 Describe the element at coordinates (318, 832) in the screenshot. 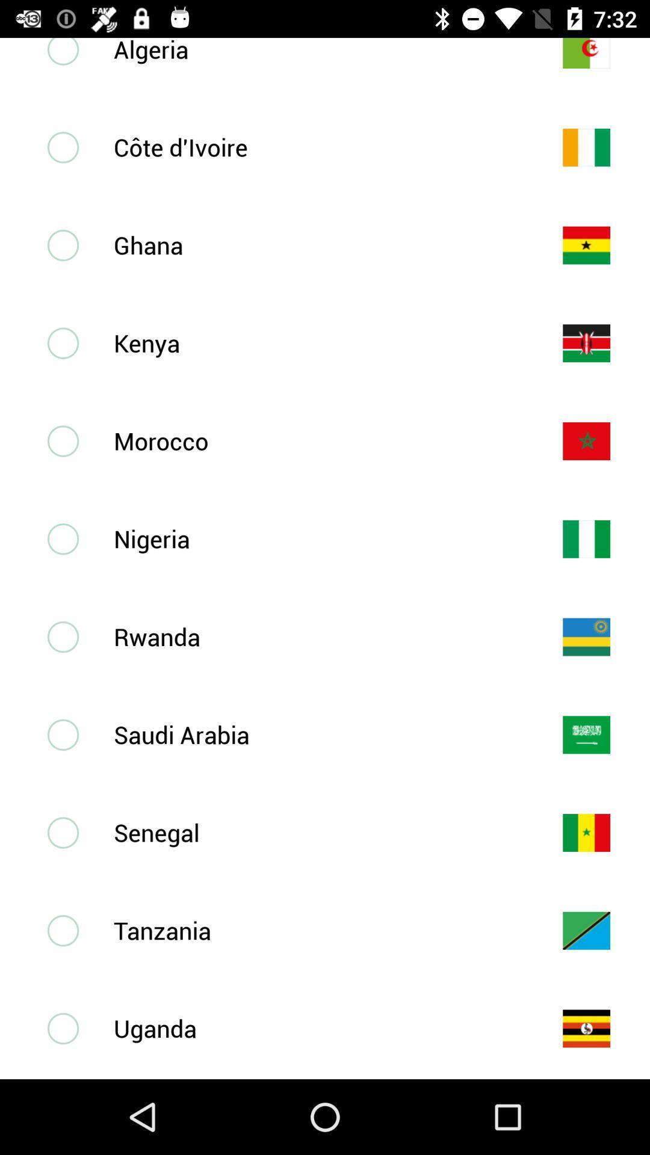

I see `senegal icon` at that location.